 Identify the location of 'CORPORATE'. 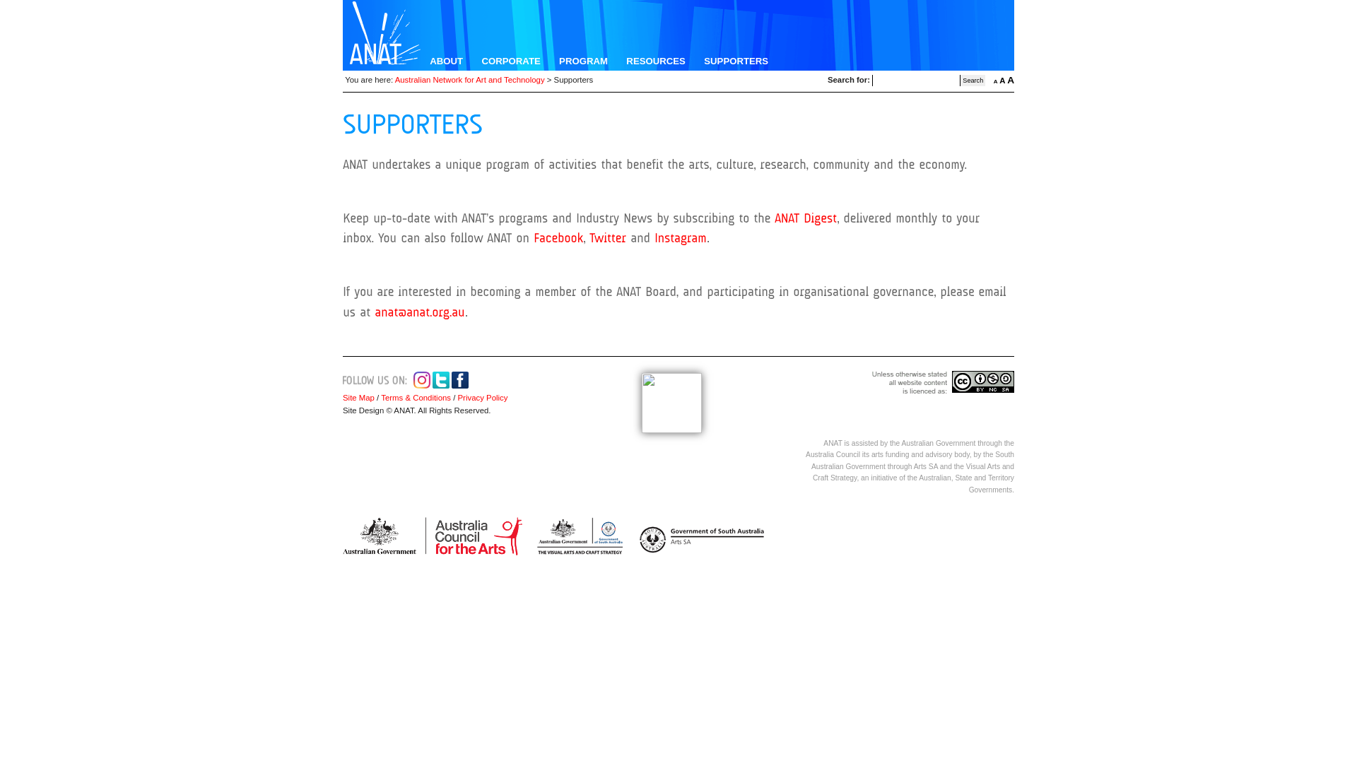
(510, 60).